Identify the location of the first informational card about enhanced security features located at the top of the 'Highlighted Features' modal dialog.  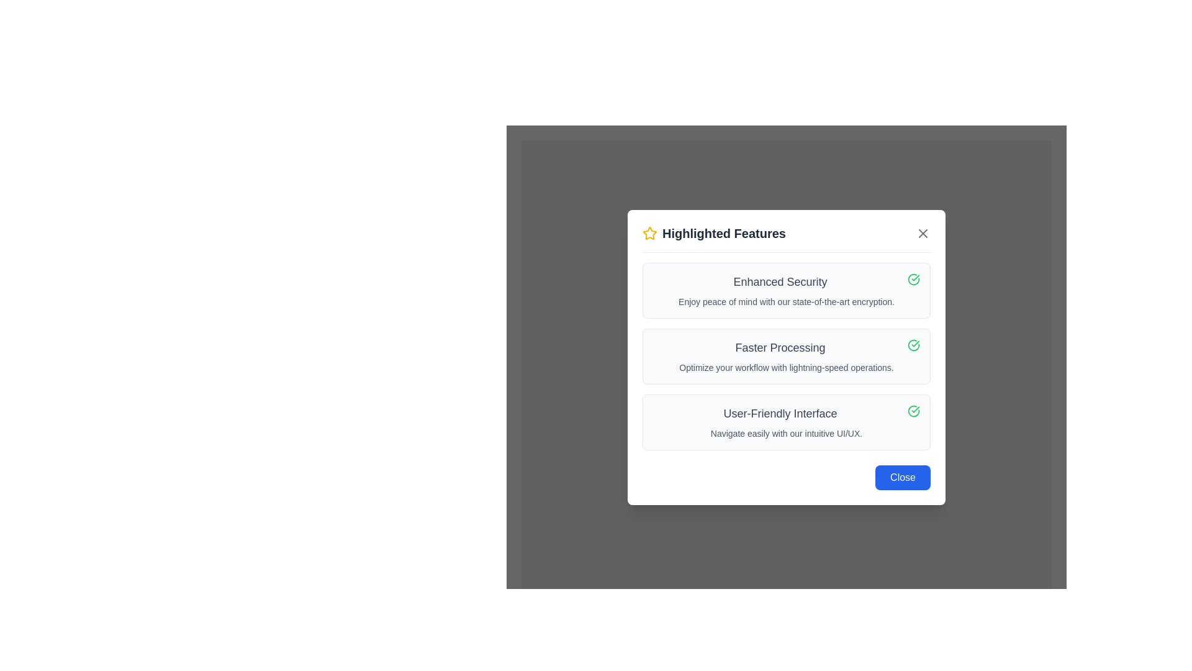
(786, 290).